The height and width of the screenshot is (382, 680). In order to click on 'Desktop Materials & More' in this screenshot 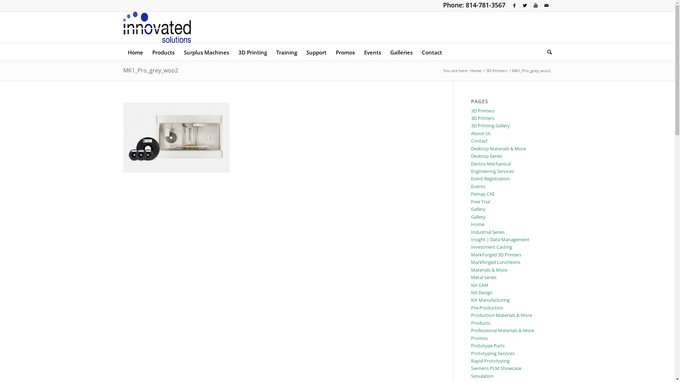, I will do `click(498, 148)`.